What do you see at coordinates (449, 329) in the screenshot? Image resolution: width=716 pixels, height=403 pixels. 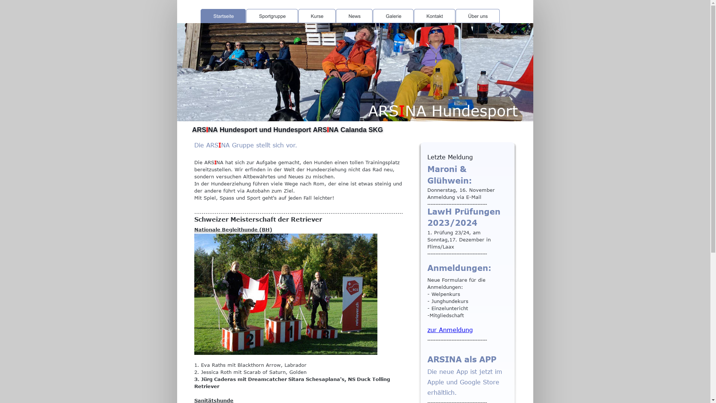 I see `'zur Anmeldung'` at bounding box center [449, 329].